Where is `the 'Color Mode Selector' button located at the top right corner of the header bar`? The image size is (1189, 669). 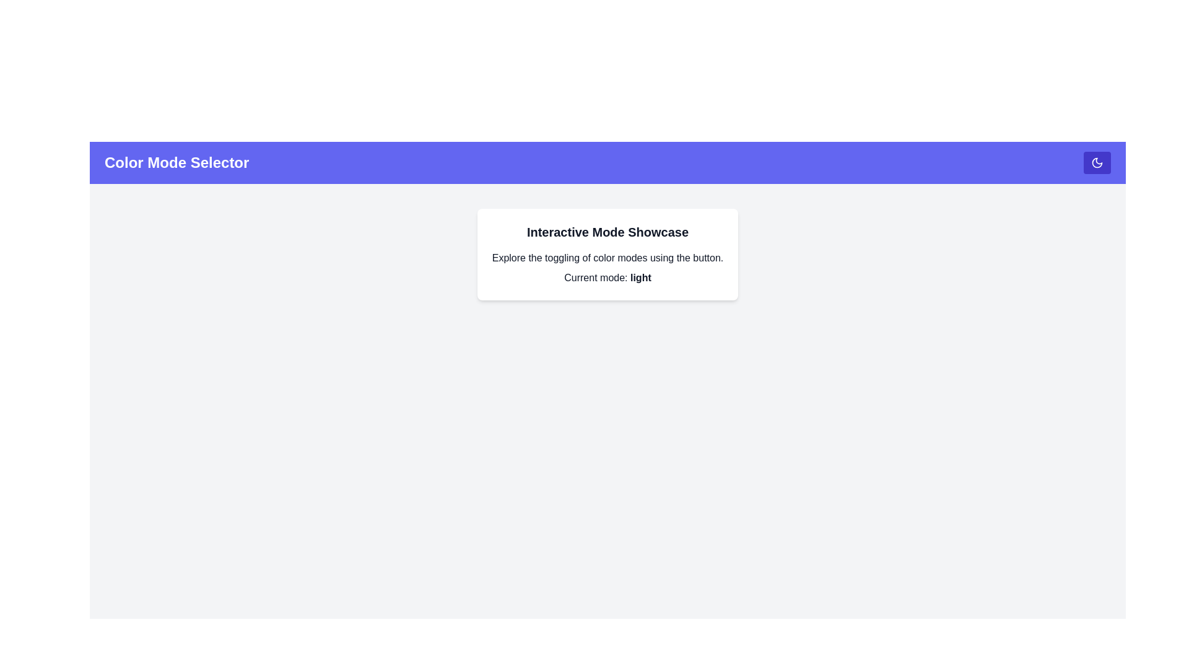 the 'Color Mode Selector' button located at the top right corner of the header bar is located at coordinates (1097, 162).